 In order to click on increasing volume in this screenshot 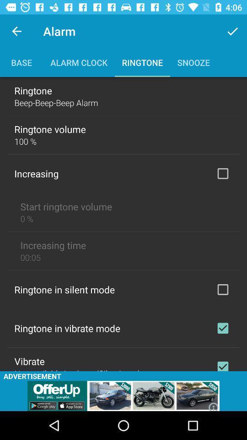, I will do `click(222, 173)`.